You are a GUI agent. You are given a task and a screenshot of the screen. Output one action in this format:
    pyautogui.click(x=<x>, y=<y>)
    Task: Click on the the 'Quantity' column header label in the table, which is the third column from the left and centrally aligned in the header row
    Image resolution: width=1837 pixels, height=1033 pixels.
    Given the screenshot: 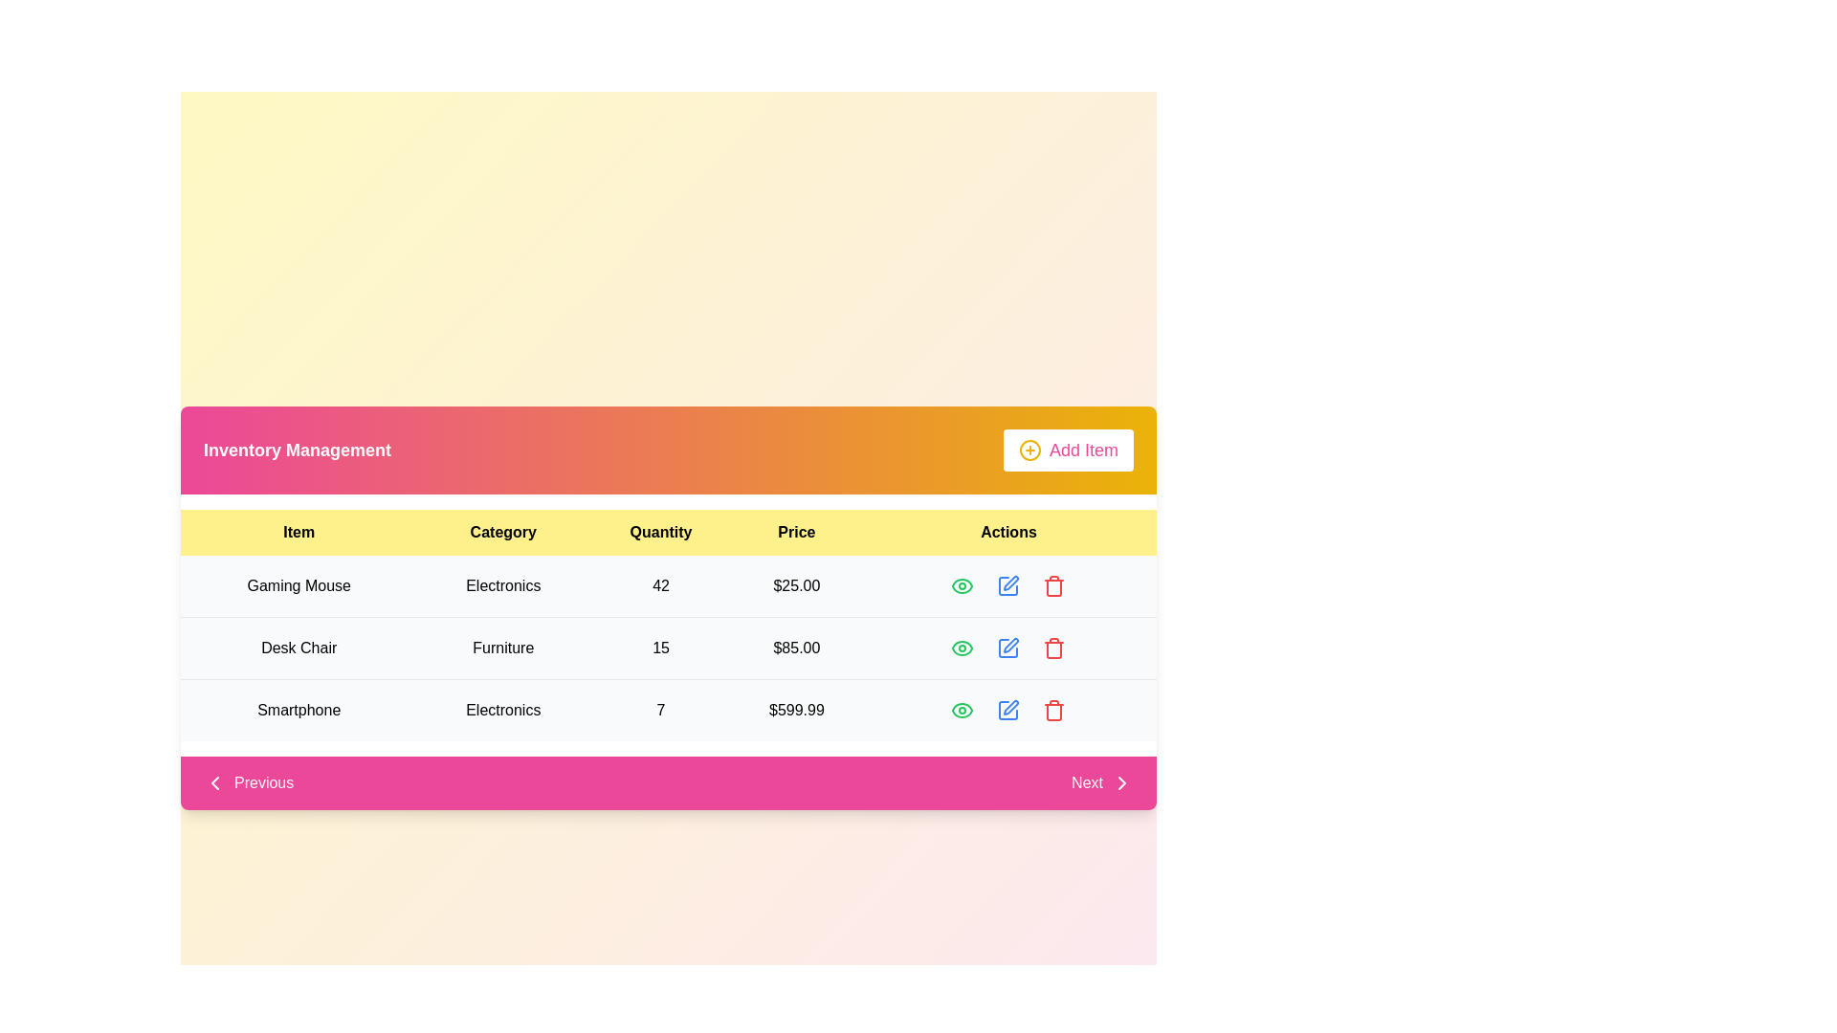 What is the action you would take?
    pyautogui.click(x=661, y=532)
    